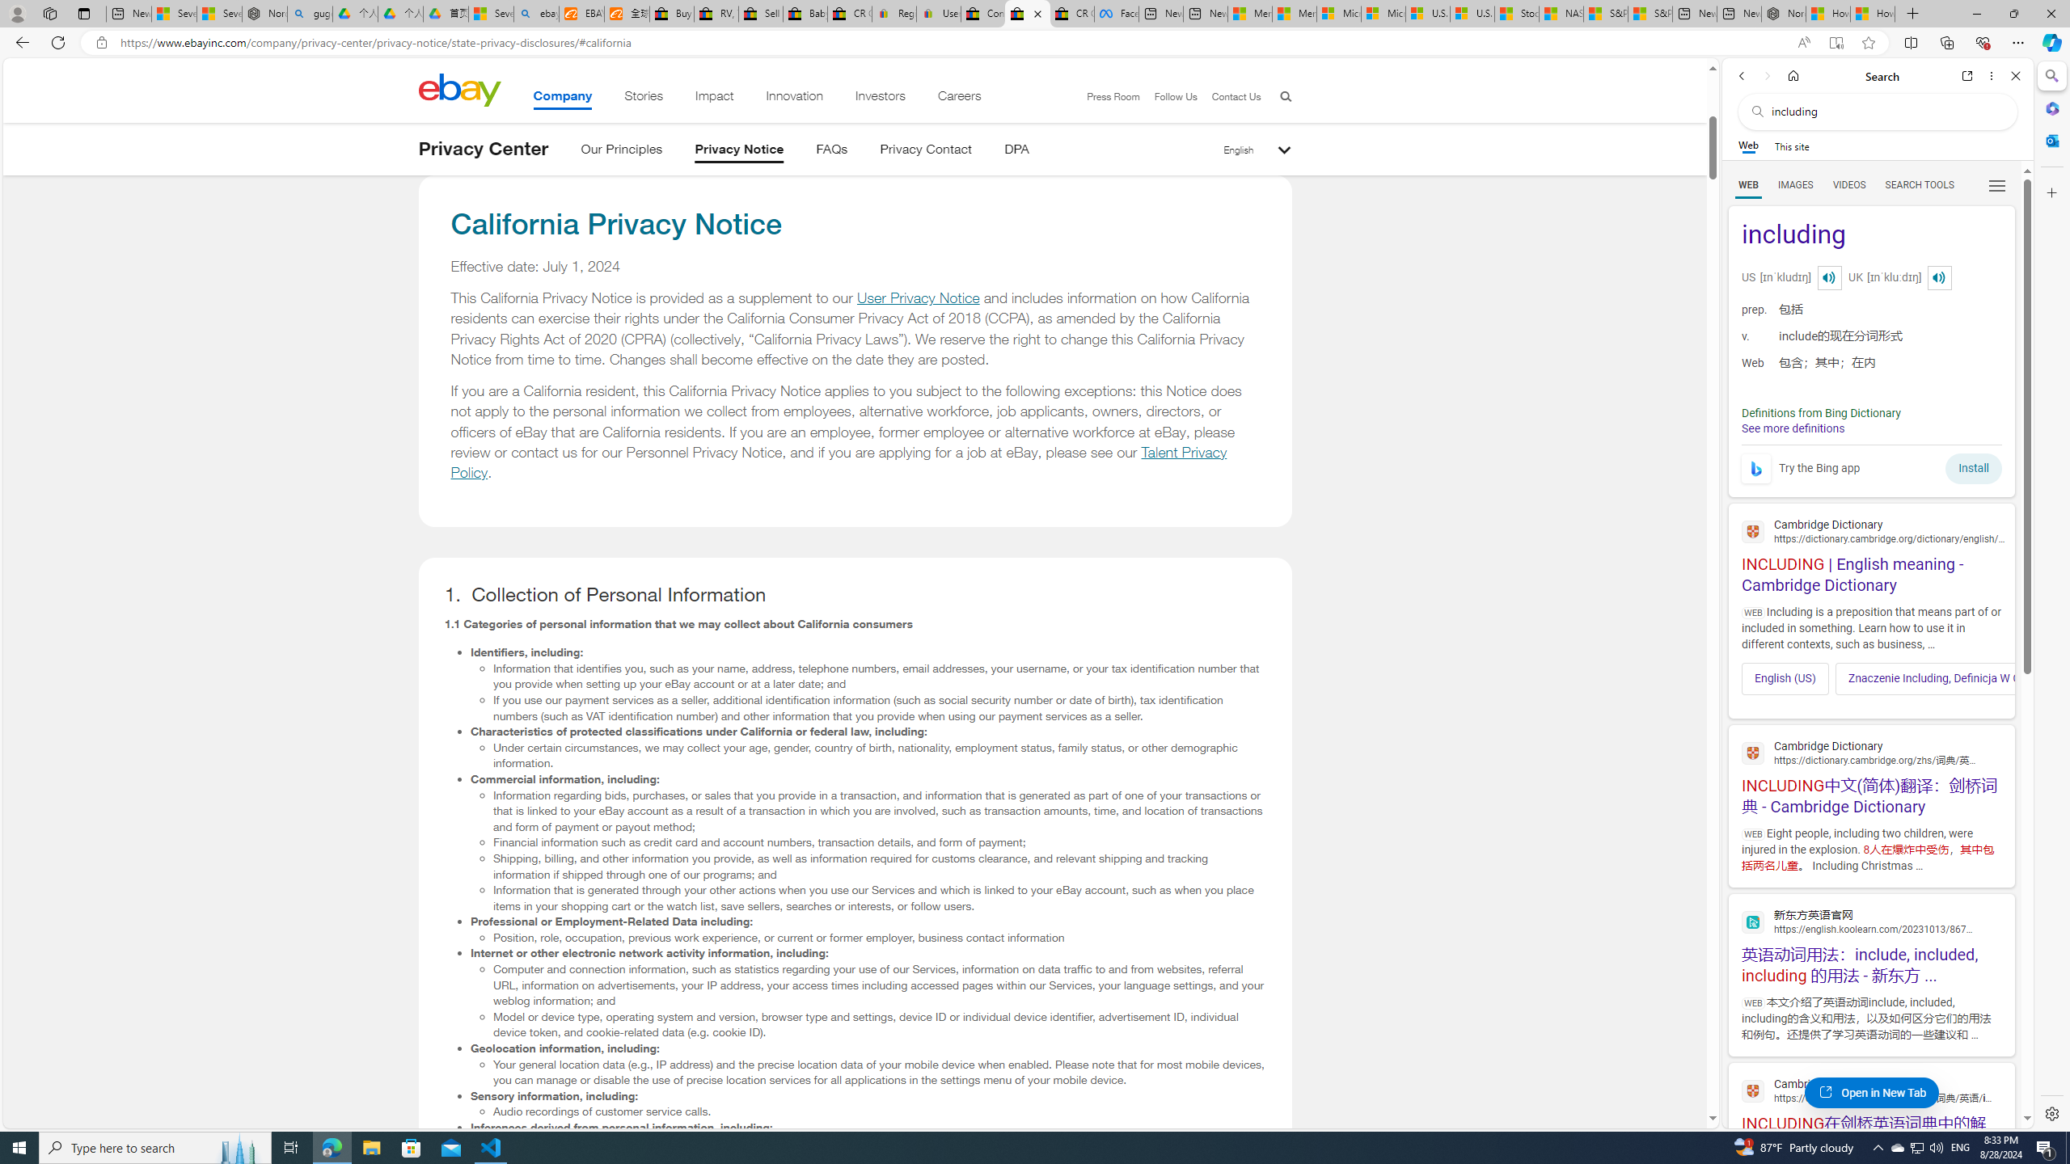 This screenshot has width=2070, height=1164. Describe the element at coordinates (1967, 75) in the screenshot. I see `'Open link in new tab'` at that location.